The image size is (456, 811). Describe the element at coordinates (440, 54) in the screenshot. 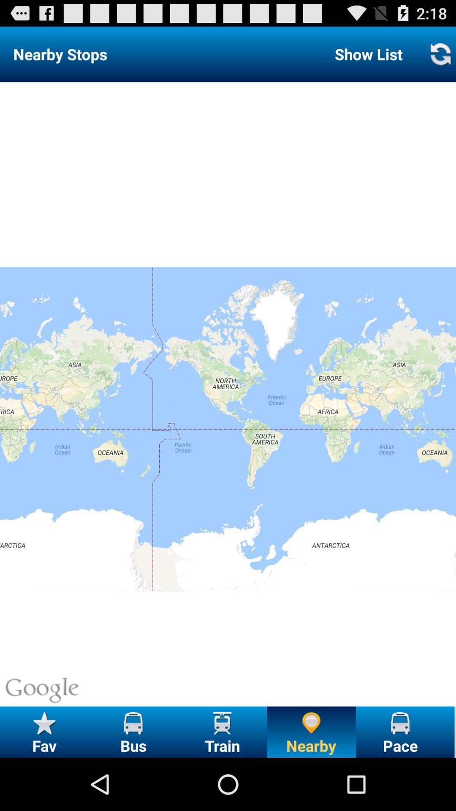

I see `the icon next to the show list icon` at that location.